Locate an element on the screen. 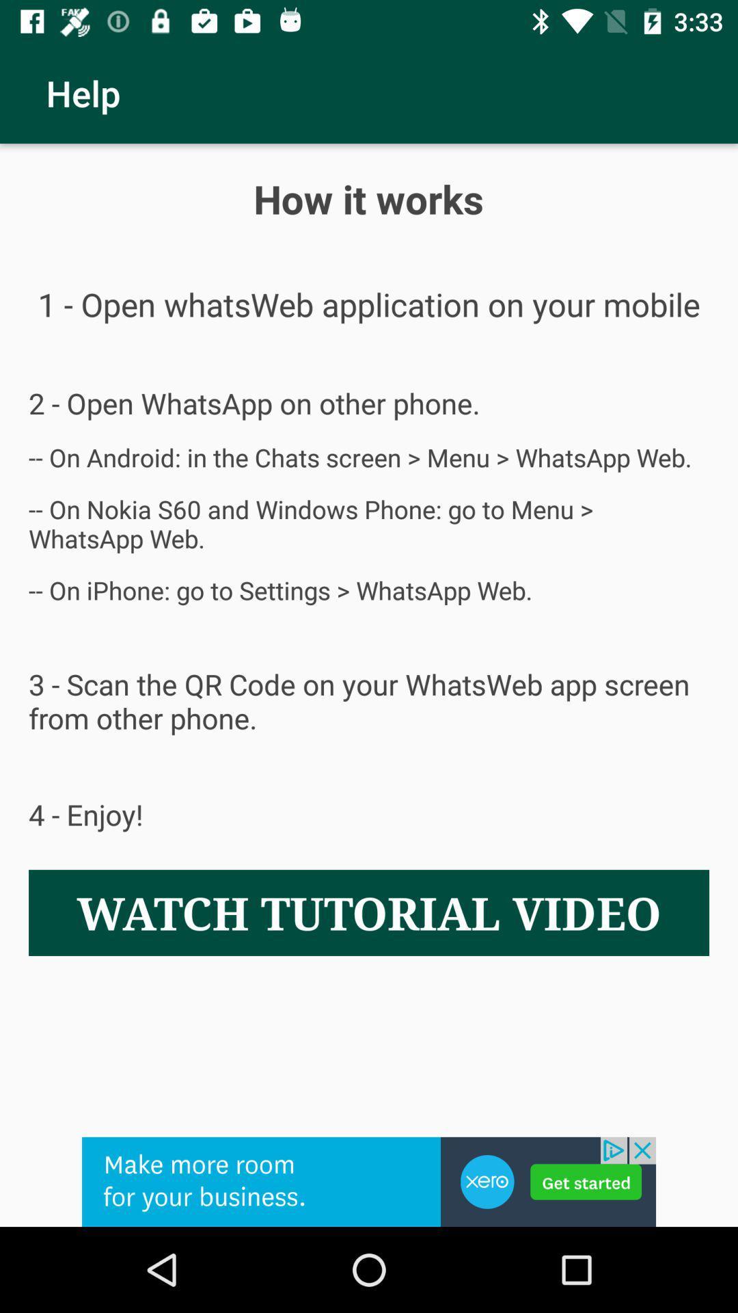 This screenshot has width=738, height=1313. for add is located at coordinates (369, 1181).